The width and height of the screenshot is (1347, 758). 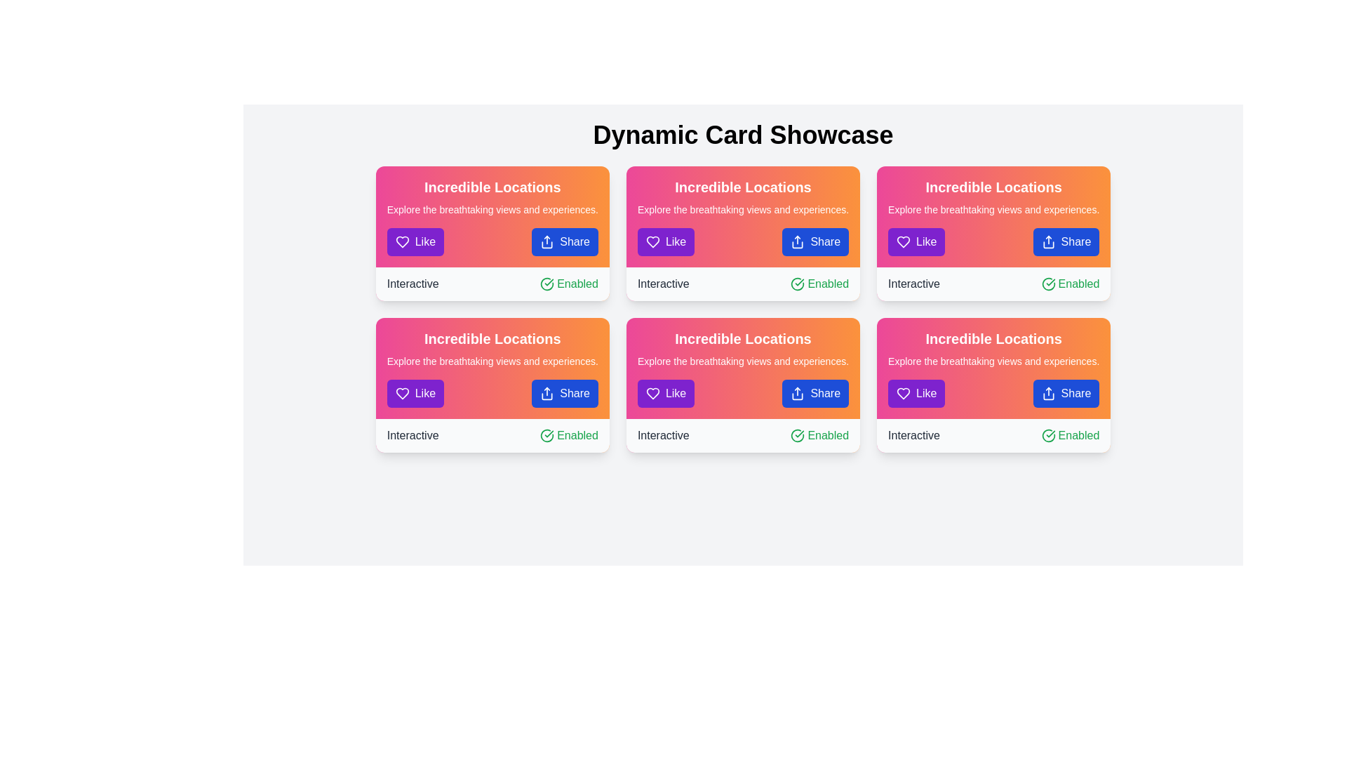 I want to click on the status indicator located at the bottom-right corner of the card layout, so click(x=819, y=284).